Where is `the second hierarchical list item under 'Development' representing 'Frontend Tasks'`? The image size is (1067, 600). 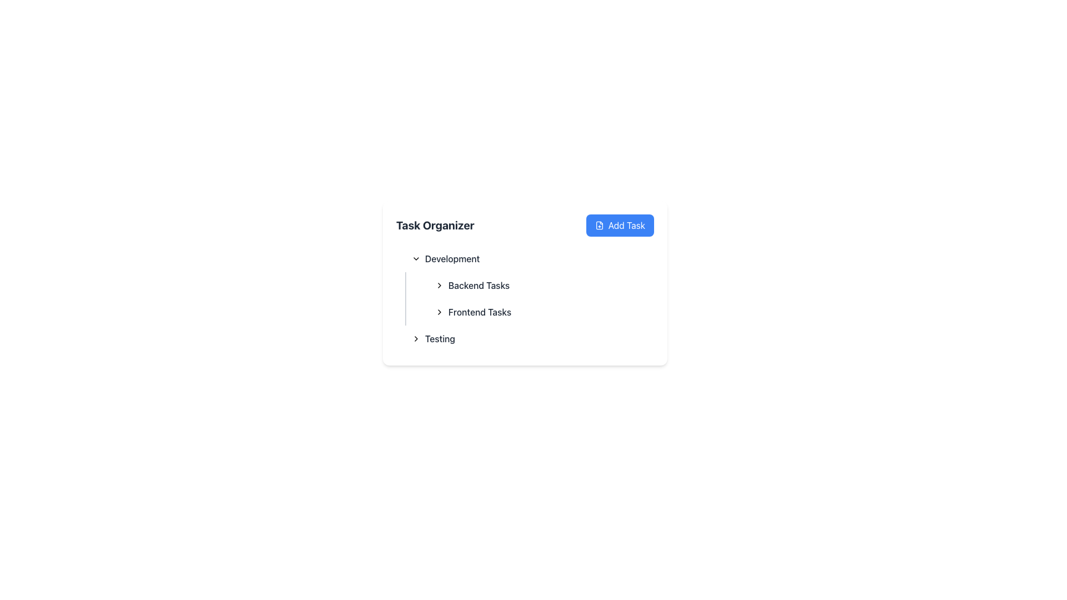 the second hierarchical list item under 'Development' representing 'Frontend Tasks' is located at coordinates (473, 312).